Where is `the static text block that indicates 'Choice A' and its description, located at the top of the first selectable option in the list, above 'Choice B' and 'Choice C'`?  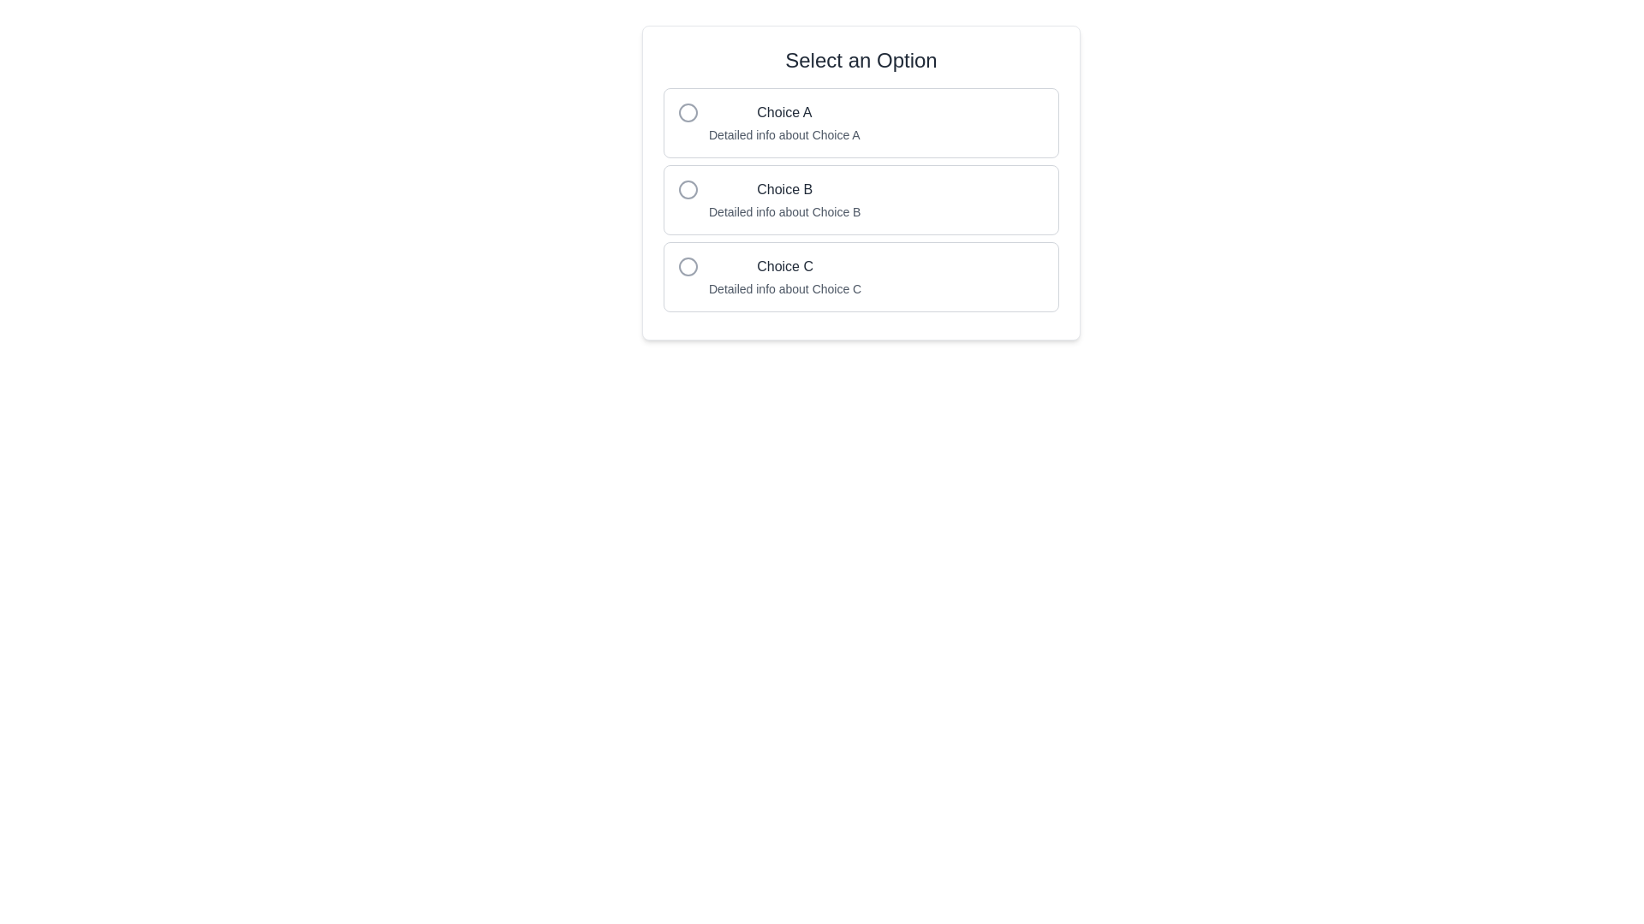 the static text block that indicates 'Choice A' and its description, located at the top of the first selectable option in the list, above 'Choice B' and 'Choice C' is located at coordinates (783, 121).